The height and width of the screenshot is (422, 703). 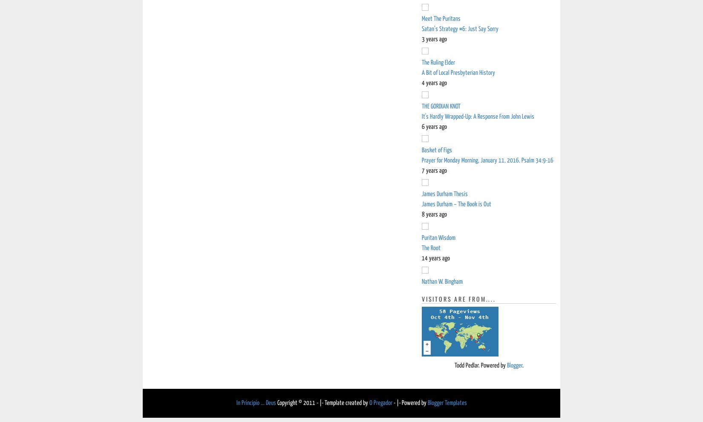 I want to click on '- |-  Powered by', so click(x=409, y=402).